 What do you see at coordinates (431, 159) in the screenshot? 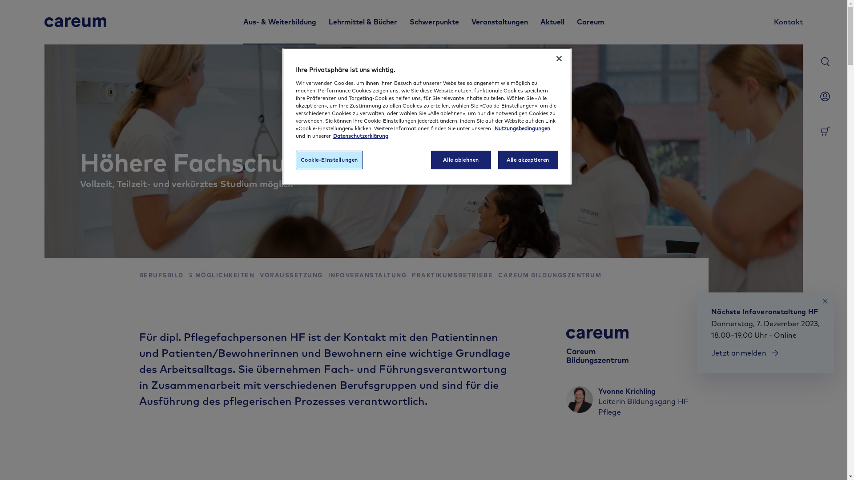
I see `'Alle ablehnen'` at bounding box center [431, 159].